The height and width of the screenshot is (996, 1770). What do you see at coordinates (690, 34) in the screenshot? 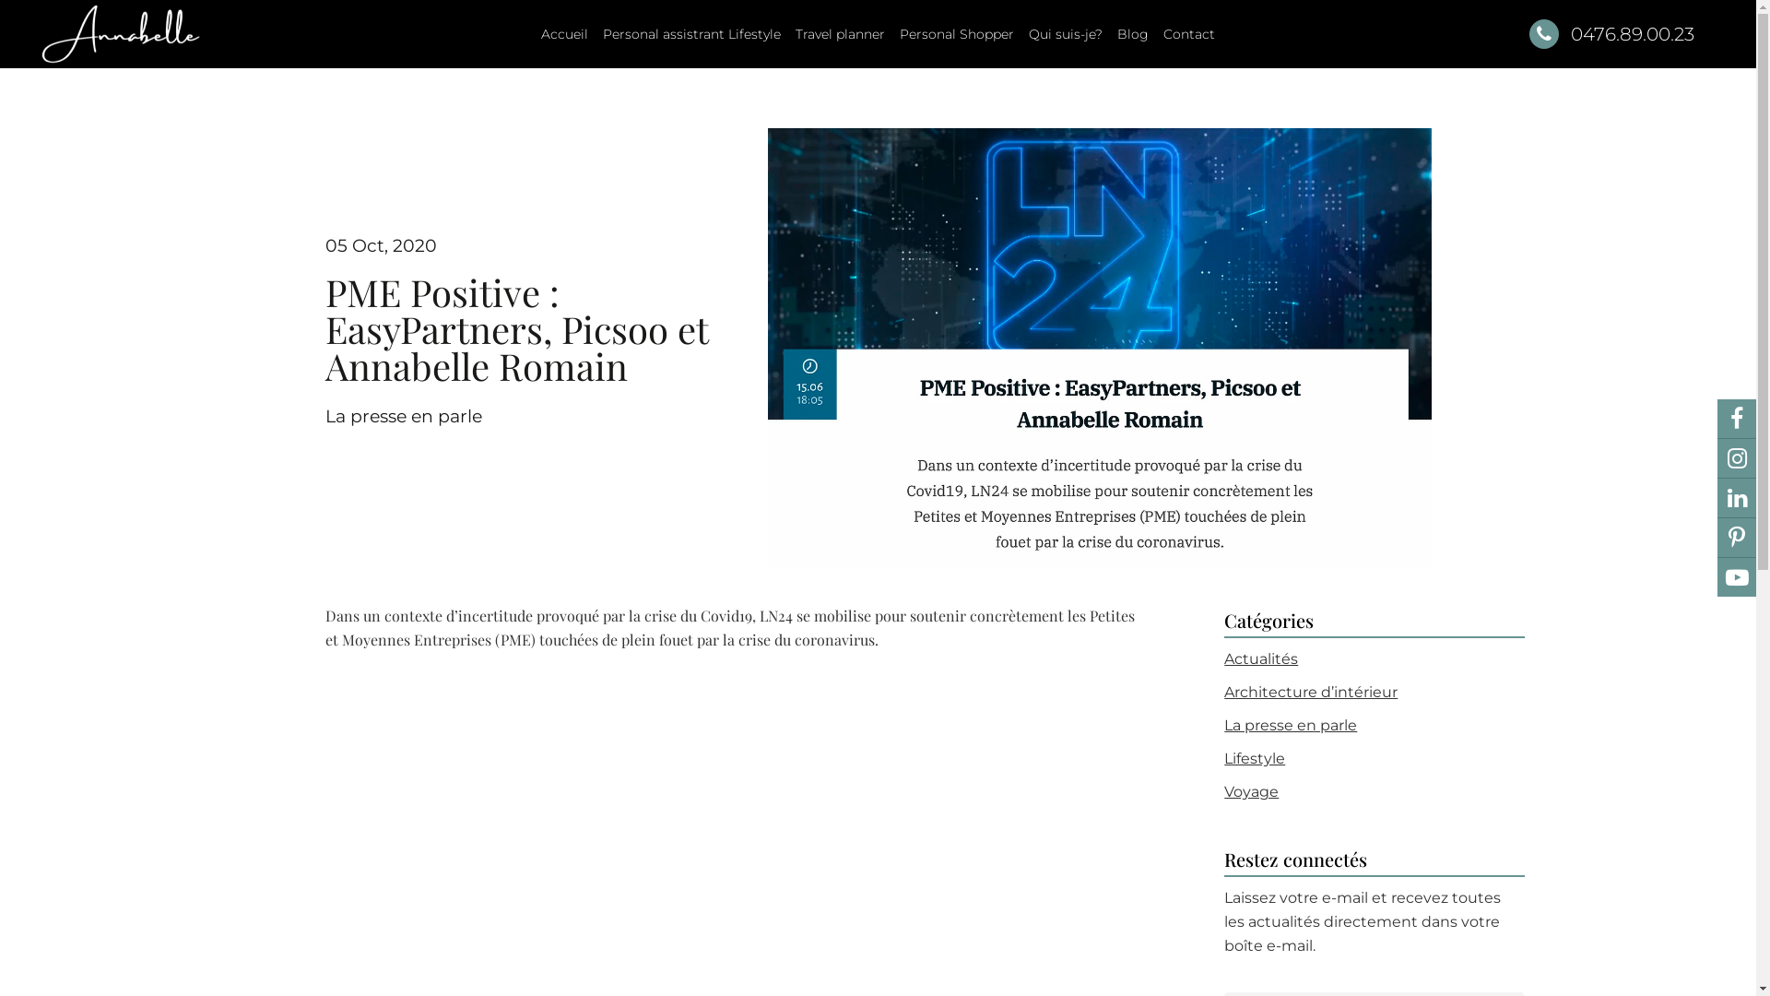
I see `'Personal assistrant Lifestyle'` at bounding box center [690, 34].